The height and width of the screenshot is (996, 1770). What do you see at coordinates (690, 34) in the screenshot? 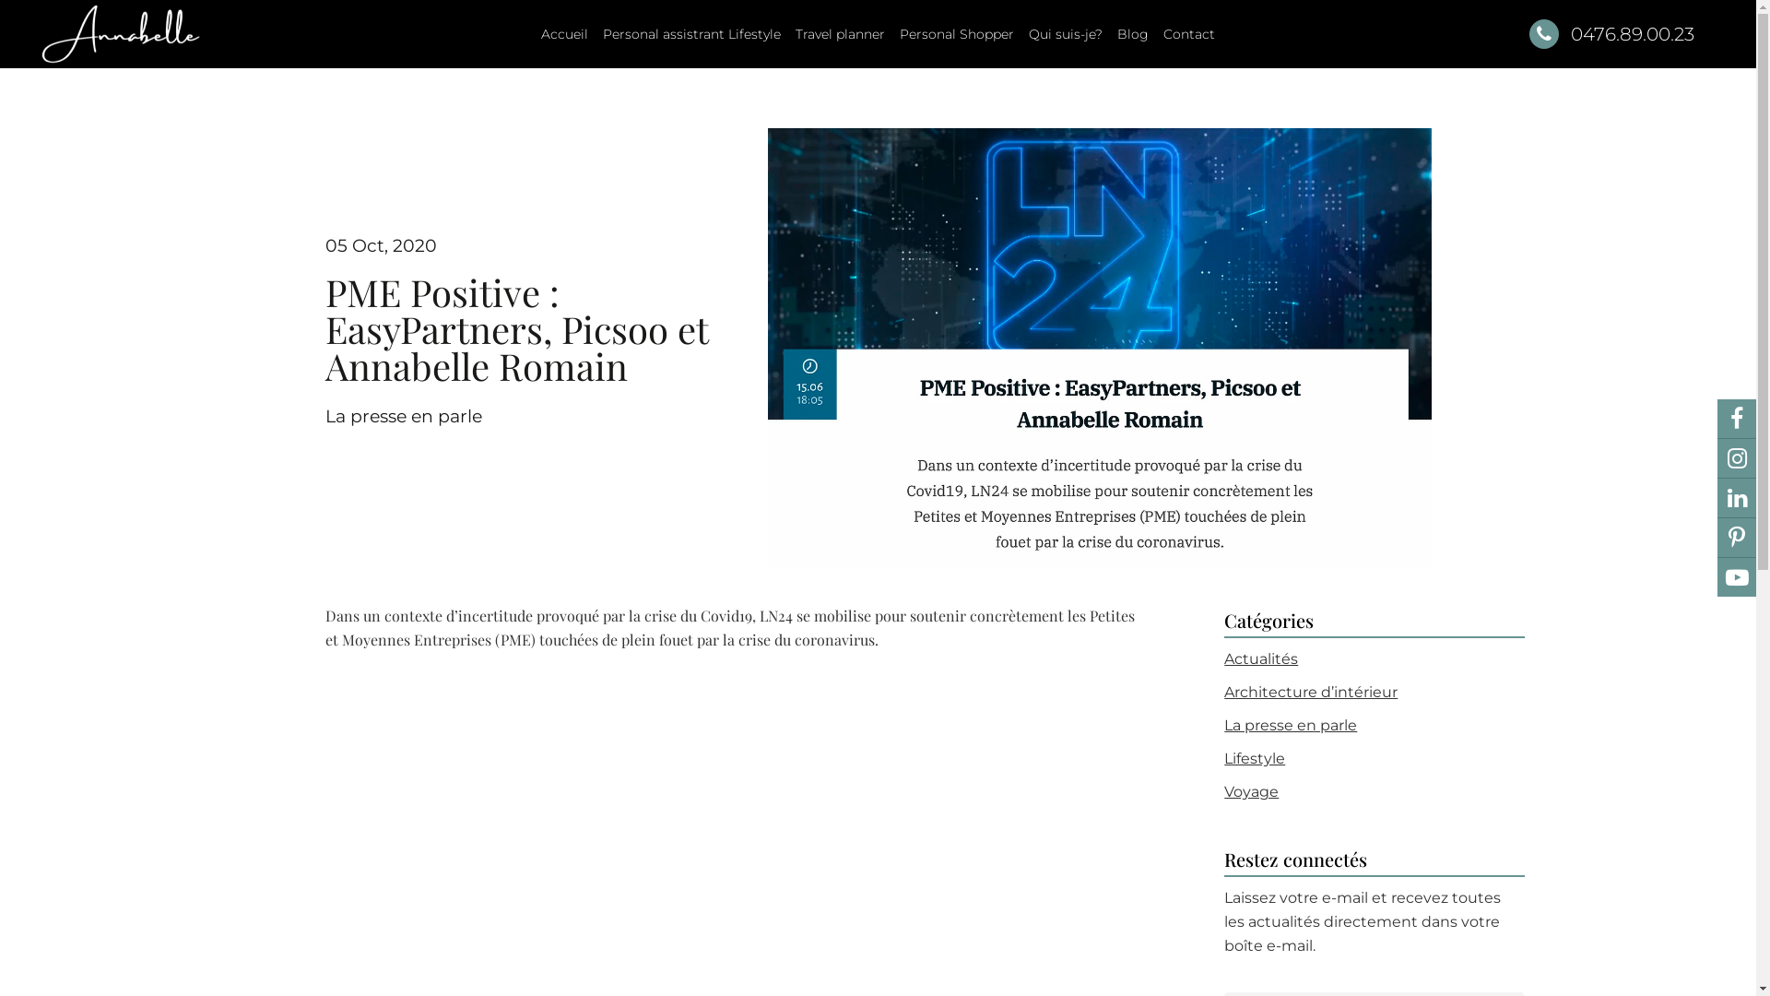
I see `'Personal assistrant Lifestyle'` at bounding box center [690, 34].